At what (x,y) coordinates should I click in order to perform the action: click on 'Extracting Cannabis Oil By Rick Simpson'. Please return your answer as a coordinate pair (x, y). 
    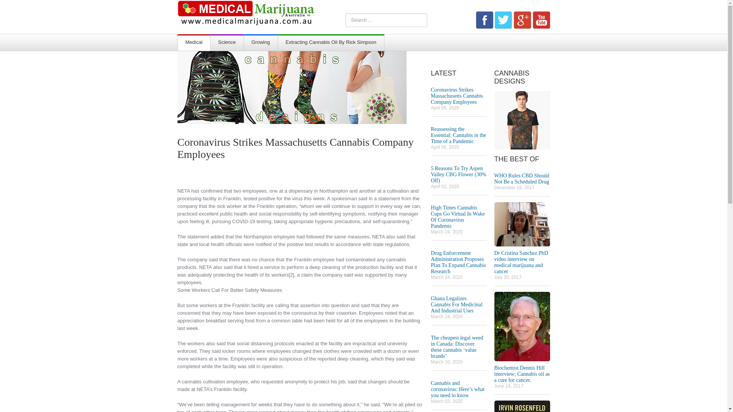
    Looking at the image, I should click on (331, 43).